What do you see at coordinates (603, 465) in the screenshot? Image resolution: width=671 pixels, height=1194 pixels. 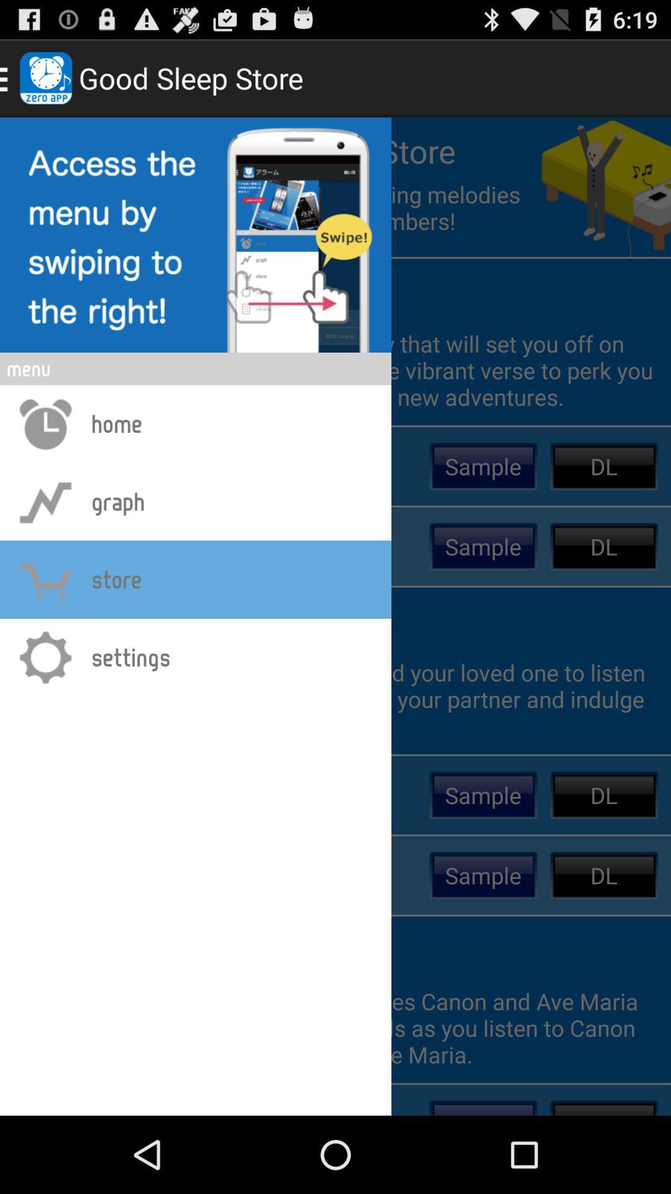 I see `dl` at bounding box center [603, 465].